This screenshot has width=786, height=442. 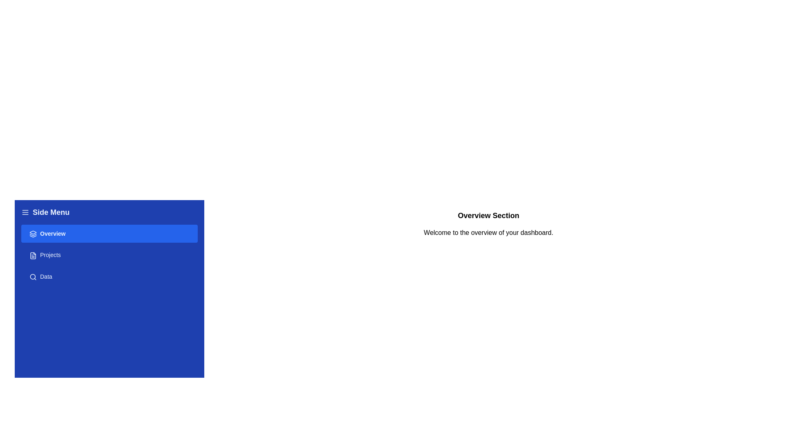 I want to click on the 'Data' button located in the sidebar menu, which is the third interactive item below 'Overview' and 'Projects', so click(x=109, y=276).